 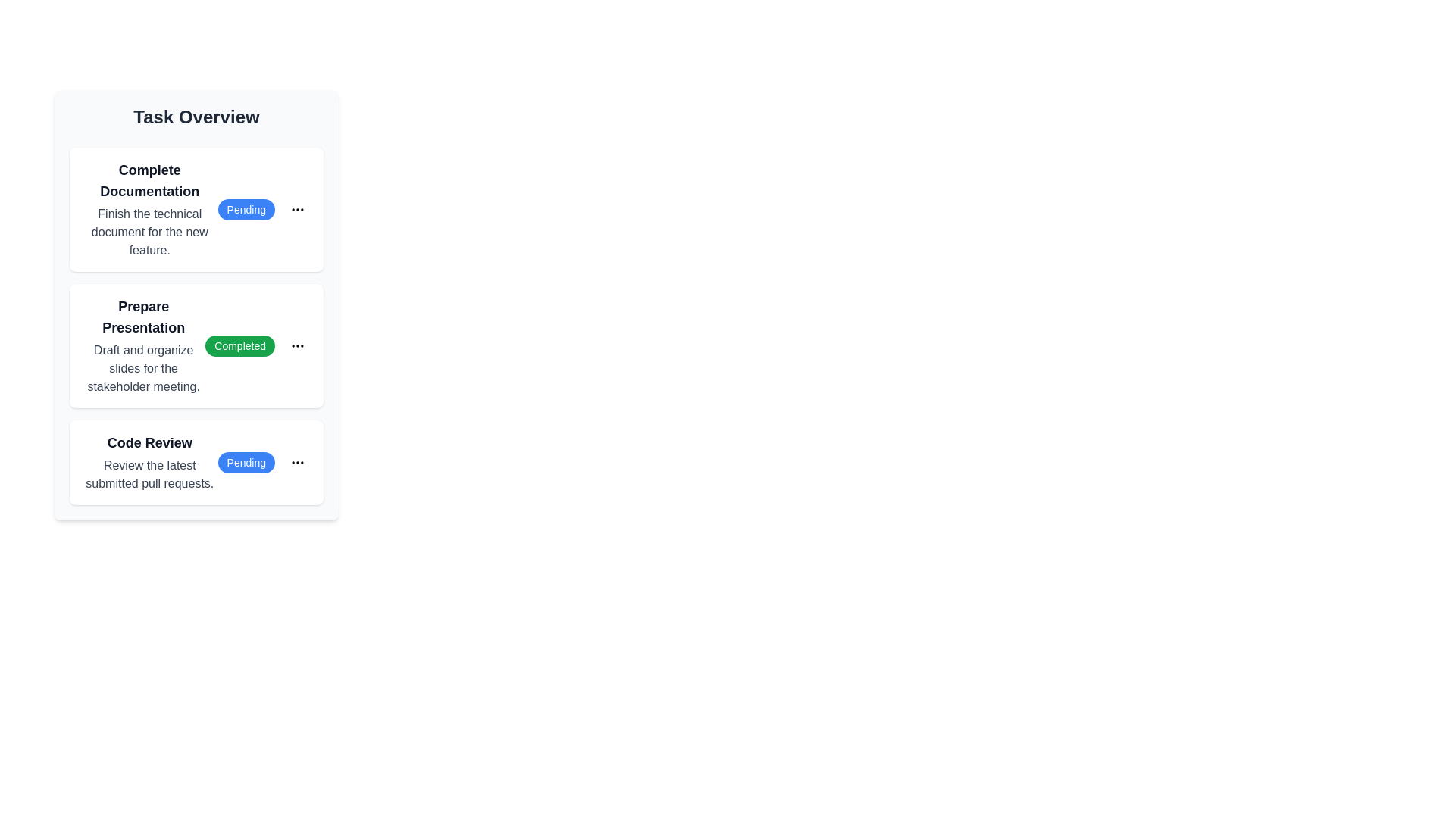 What do you see at coordinates (298, 210) in the screenshot?
I see `the ellipsis button for the task titled Complete Documentation` at bounding box center [298, 210].